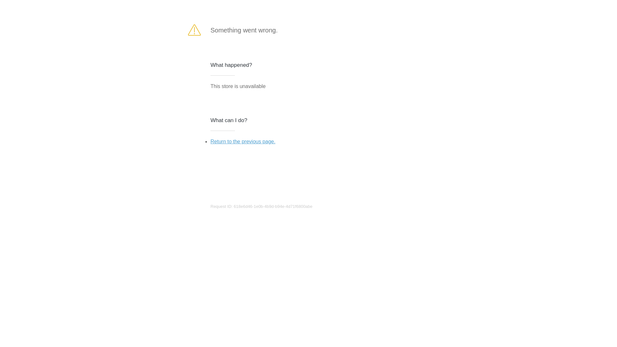  I want to click on 'Return to the previous page.', so click(242, 141).